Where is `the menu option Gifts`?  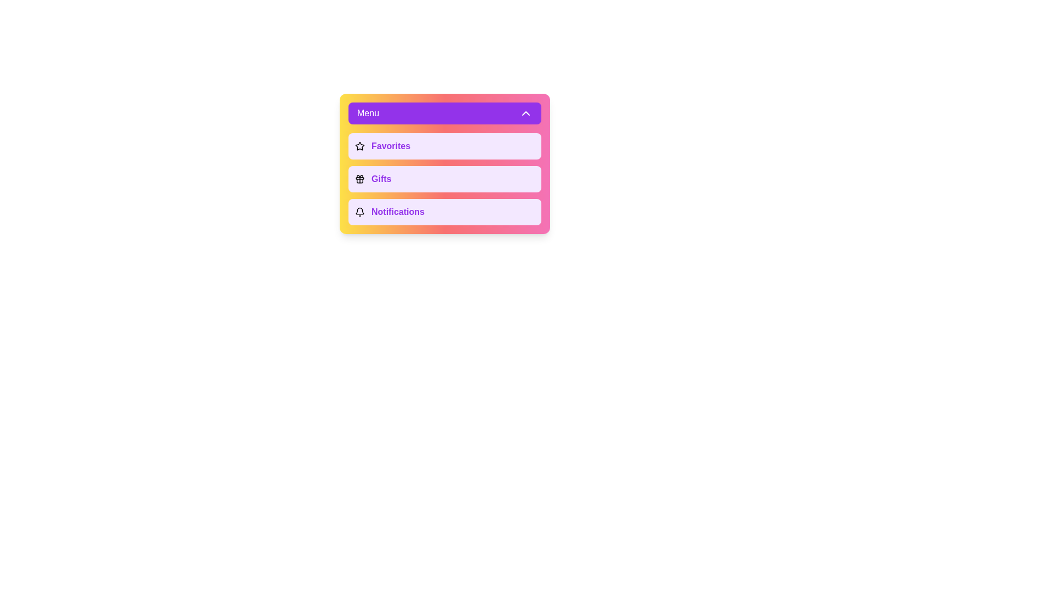
the menu option Gifts is located at coordinates (444, 179).